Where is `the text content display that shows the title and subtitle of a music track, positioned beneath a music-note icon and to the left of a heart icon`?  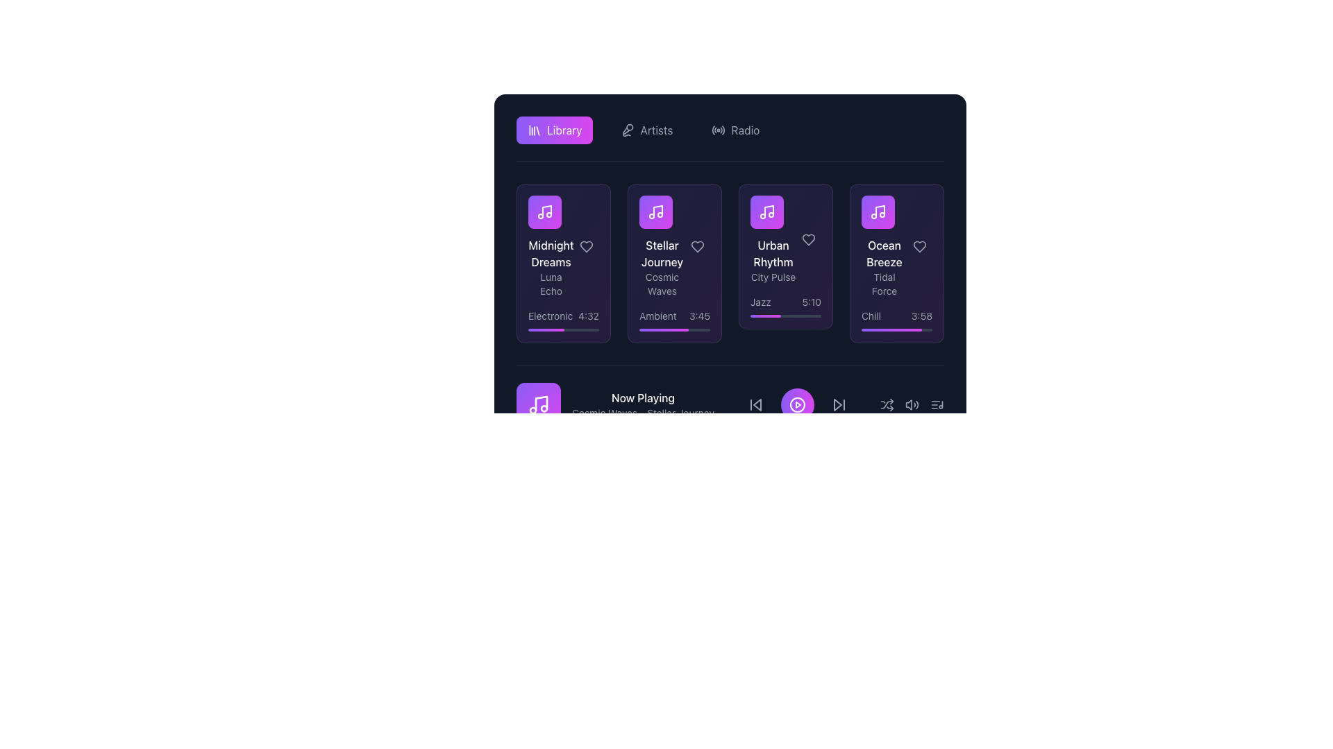 the text content display that shows the title and subtitle of a music track, positioned beneath a music-note icon and to the left of a heart icon is located at coordinates (674, 246).